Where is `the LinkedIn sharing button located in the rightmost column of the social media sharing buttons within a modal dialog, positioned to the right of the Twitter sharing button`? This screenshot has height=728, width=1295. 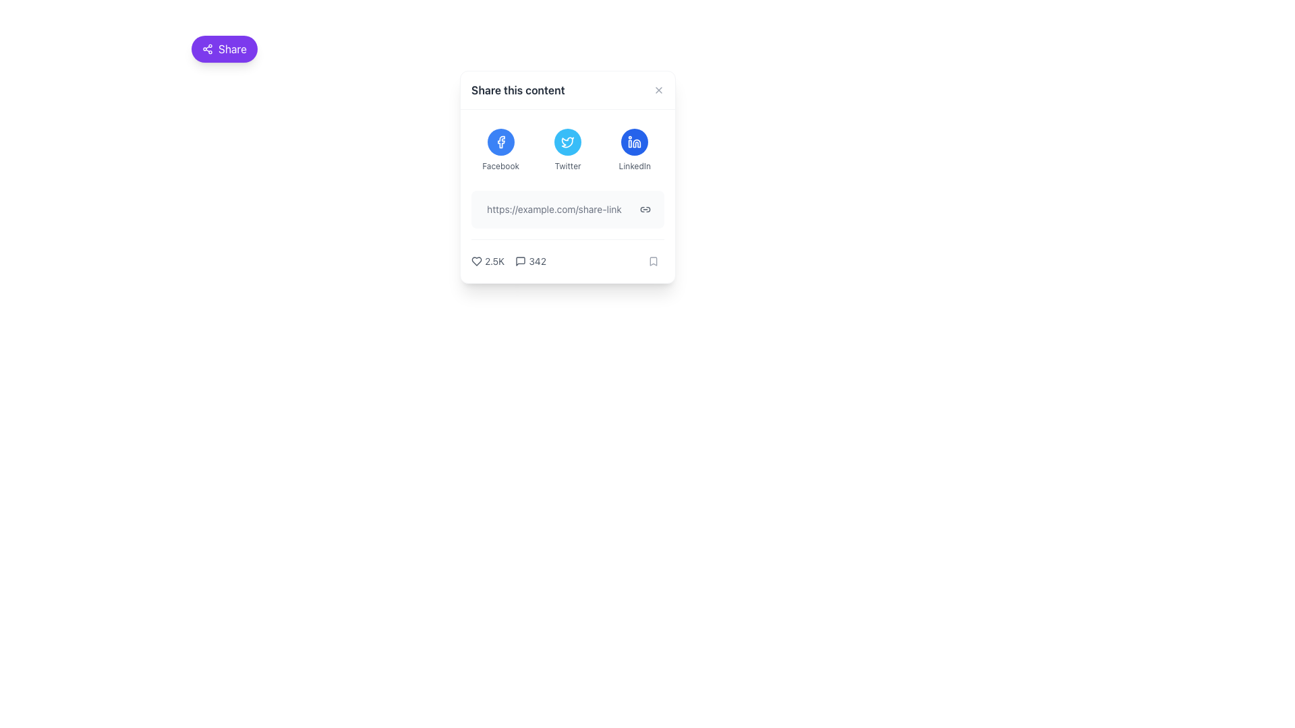 the LinkedIn sharing button located in the rightmost column of the social media sharing buttons within a modal dialog, positioned to the right of the Twitter sharing button is located at coordinates (634, 142).